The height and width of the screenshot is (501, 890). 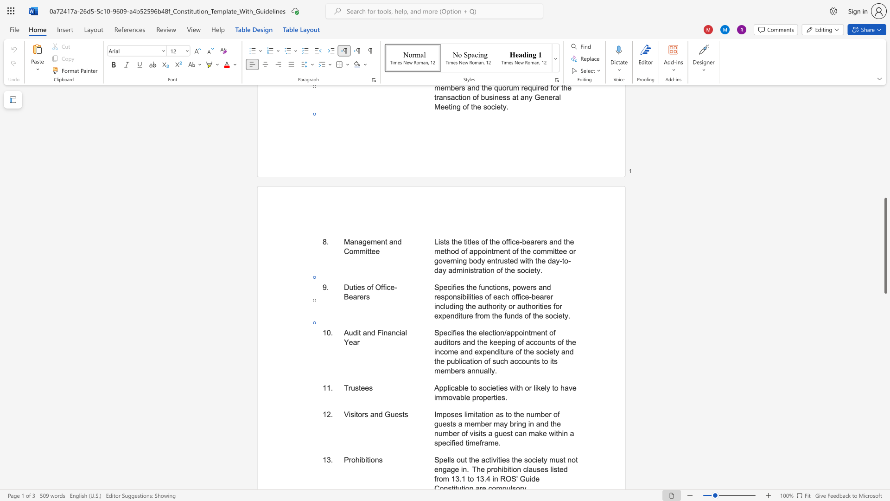 What do you see at coordinates (356, 414) in the screenshot?
I see `the space between the continuous character "i" and "t" in the text` at bounding box center [356, 414].